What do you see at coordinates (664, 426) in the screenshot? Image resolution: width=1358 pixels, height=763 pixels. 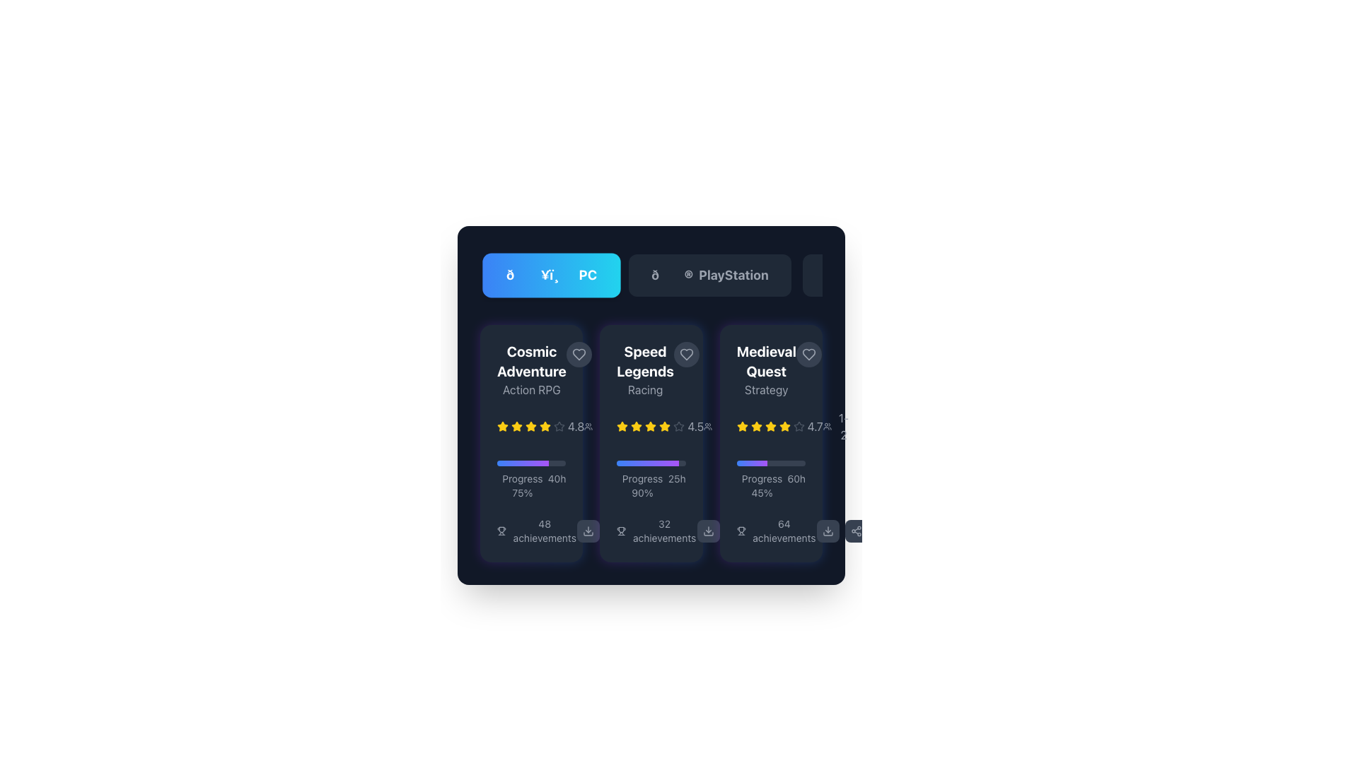 I see `the fifth star-shaped icon in bright yellow, part of the rating display for the game 'Speed Legends', located below the title and subtitle of the game` at bounding box center [664, 426].